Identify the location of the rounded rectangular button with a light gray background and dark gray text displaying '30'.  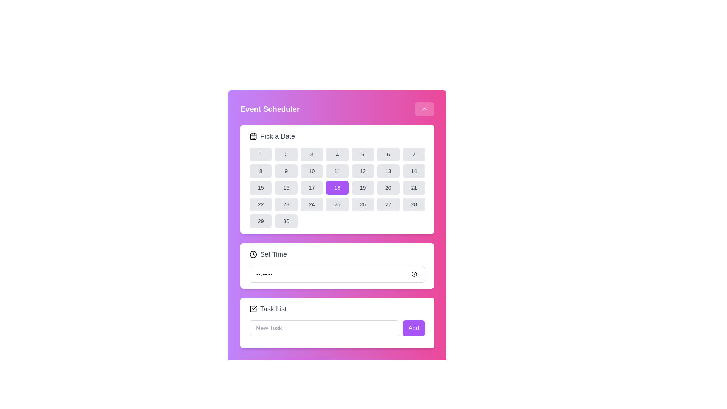
(285, 221).